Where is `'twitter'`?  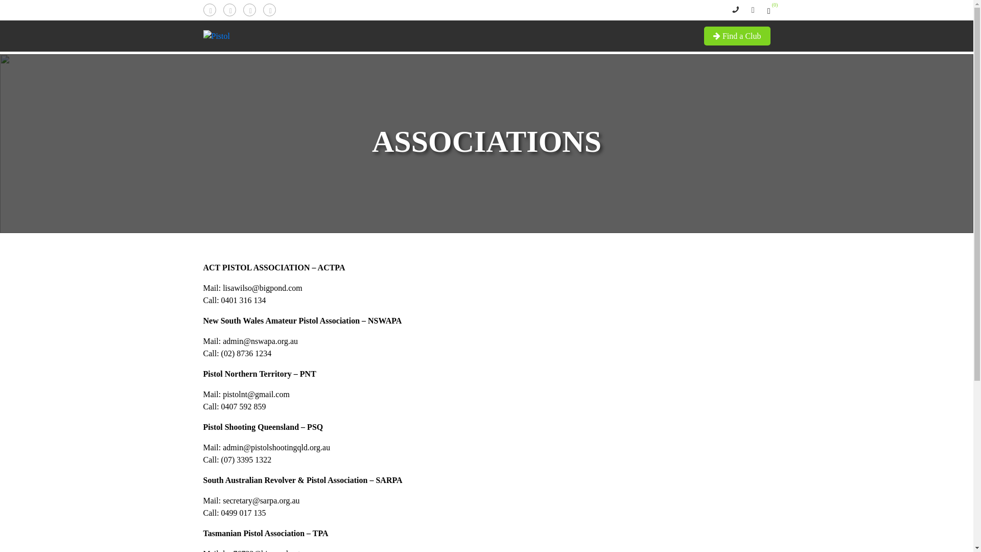
'twitter' is located at coordinates (228, 9).